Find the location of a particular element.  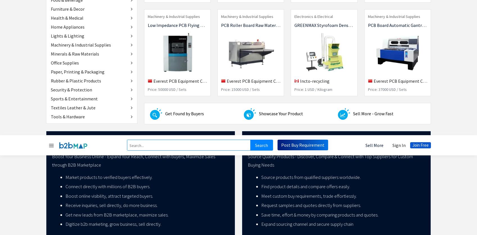

'Post your buy requirement & get quotes from top manufacturers & suppliers.' is located at coordinates (147, 77).